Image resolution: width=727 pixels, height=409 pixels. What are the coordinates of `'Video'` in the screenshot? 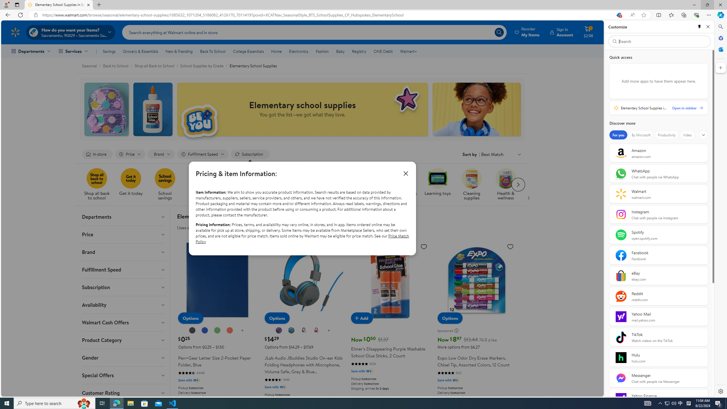 It's located at (687, 135).